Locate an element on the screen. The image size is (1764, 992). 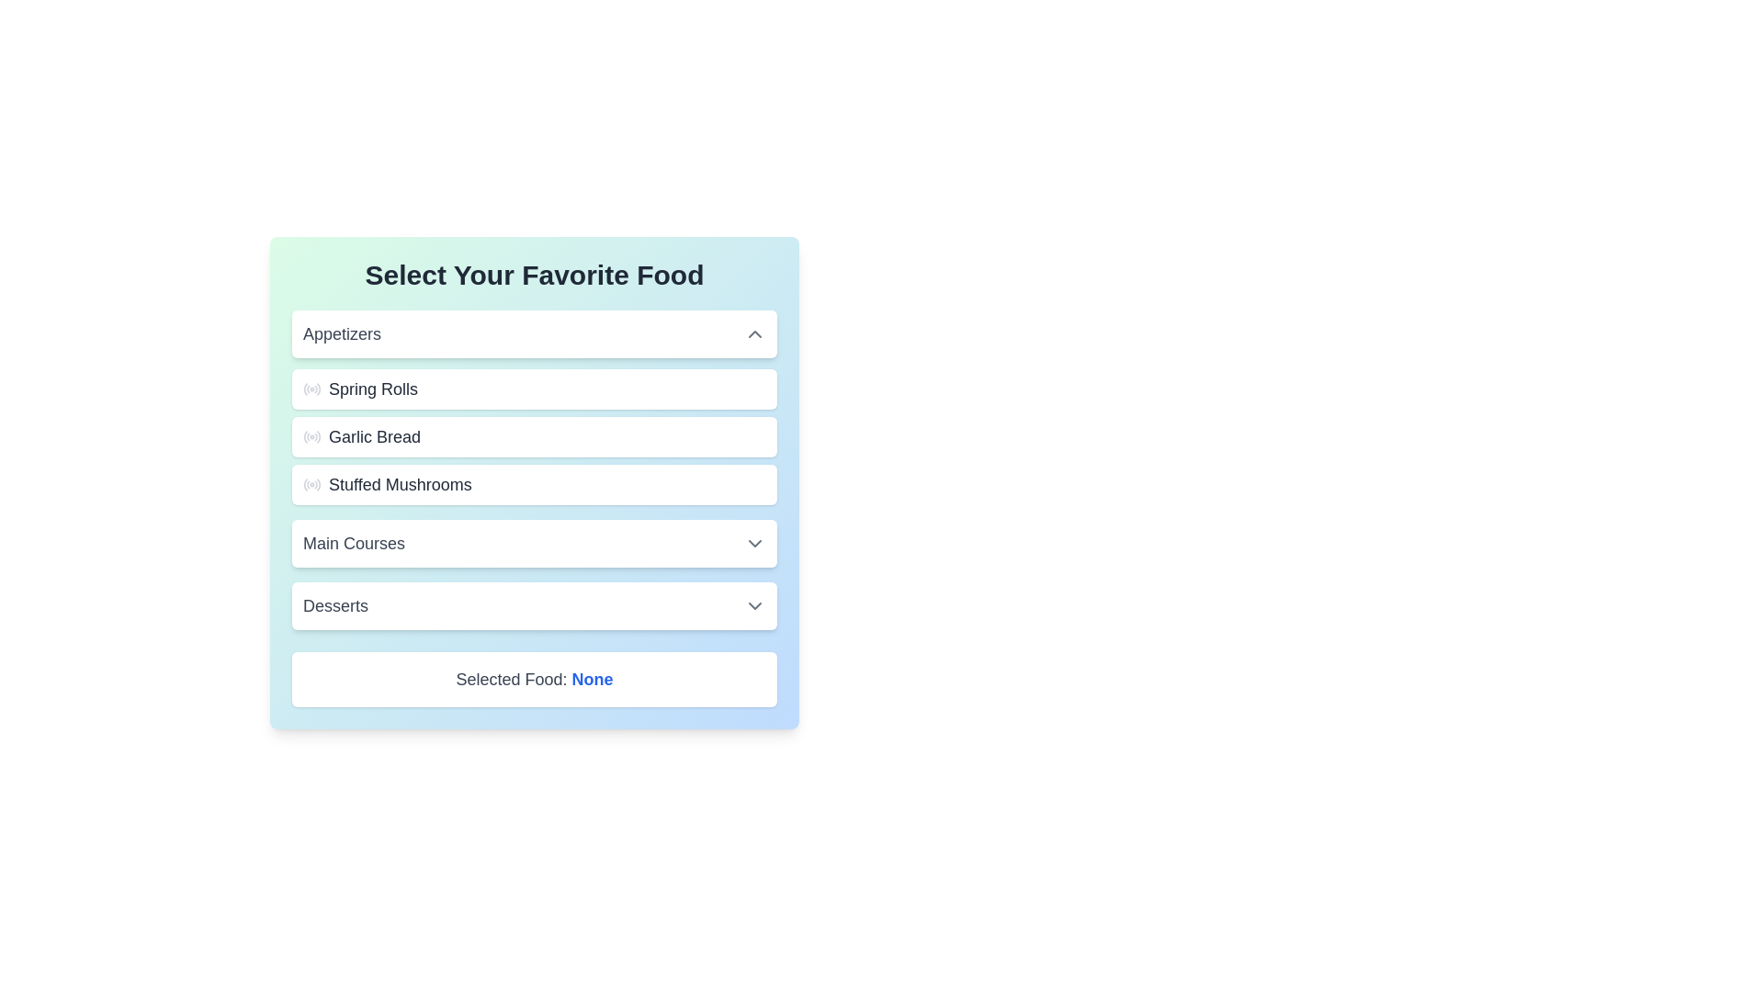
the chevron icon located to the far right of the 'Desserts' section is located at coordinates (754, 605).